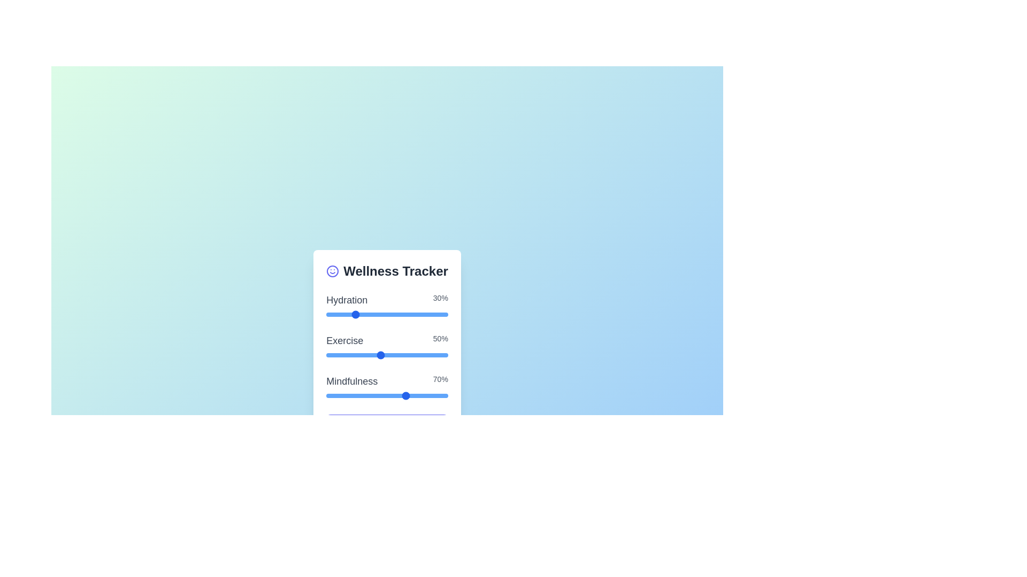 Image resolution: width=1027 pixels, height=577 pixels. Describe the element at coordinates (407, 314) in the screenshot. I see `the 'Hydration' slider to set its value to 7` at that location.